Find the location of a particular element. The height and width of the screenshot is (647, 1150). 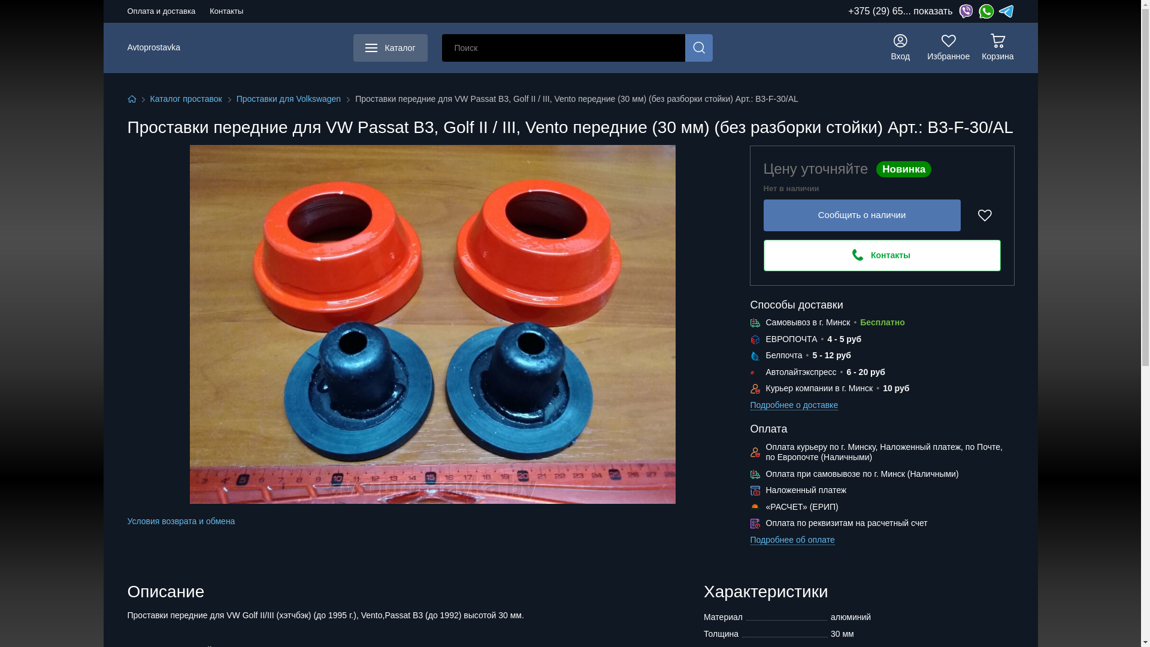

'Avtoprostavka' is located at coordinates (152, 47).